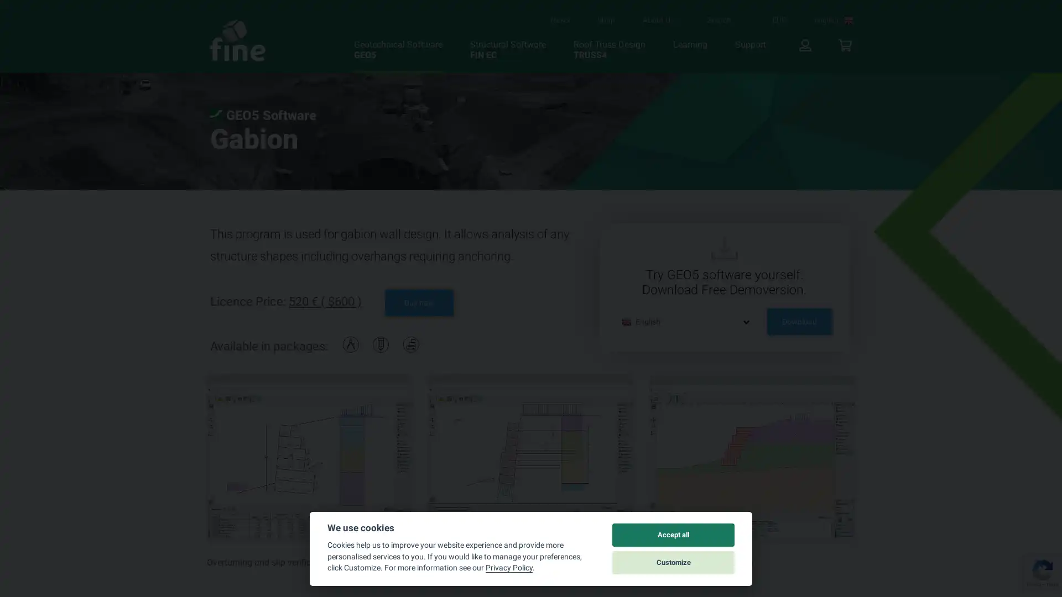 The height and width of the screenshot is (597, 1062). What do you see at coordinates (799, 322) in the screenshot?
I see `Download` at bounding box center [799, 322].